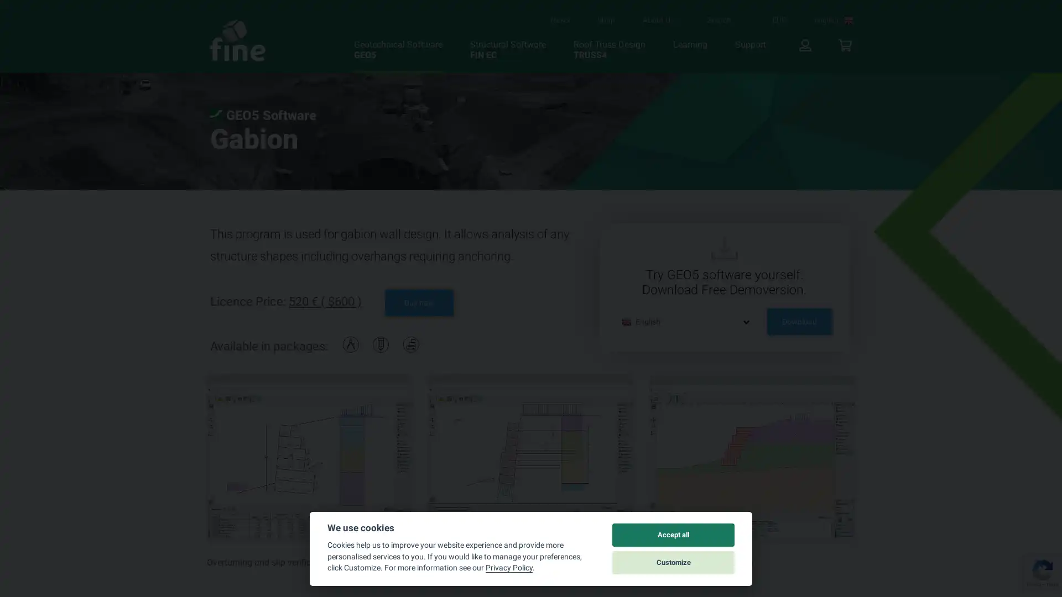 The height and width of the screenshot is (597, 1062). What do you see at coordinates (799, 322) in the screenshot?
I see `Download` at bounding box center [799, 322].